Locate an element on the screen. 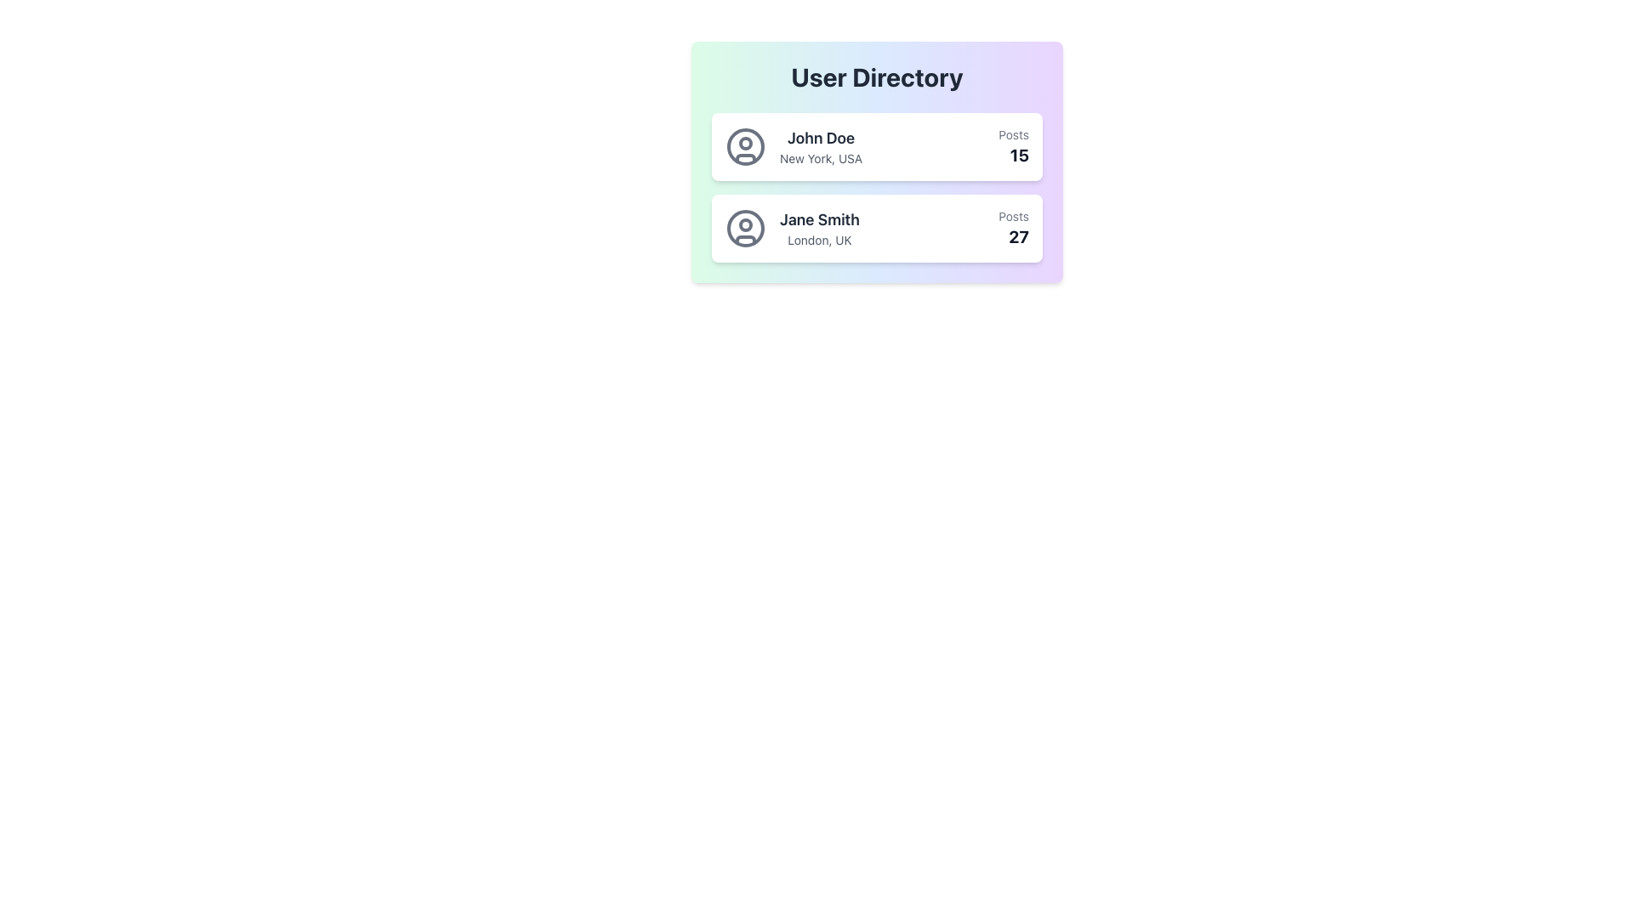 The image size is (1633, 918). the small circle representing the user icon for 'John Doe' located at the upper left of the profile card is located at coordinates (746, 143).